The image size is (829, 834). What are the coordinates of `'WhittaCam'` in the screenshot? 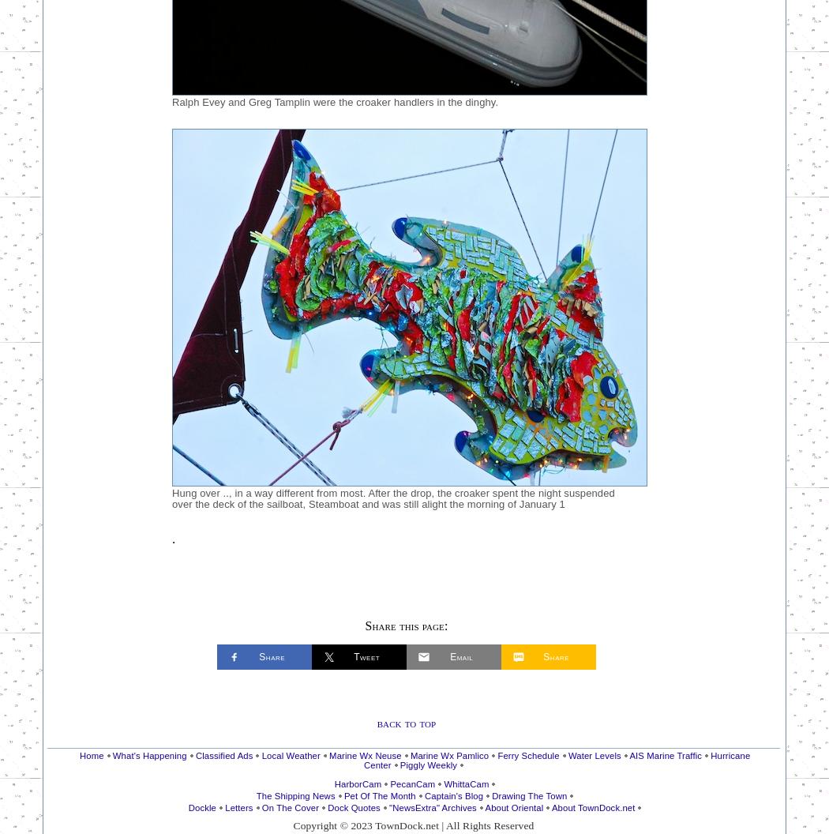 It's located at (443, 783).